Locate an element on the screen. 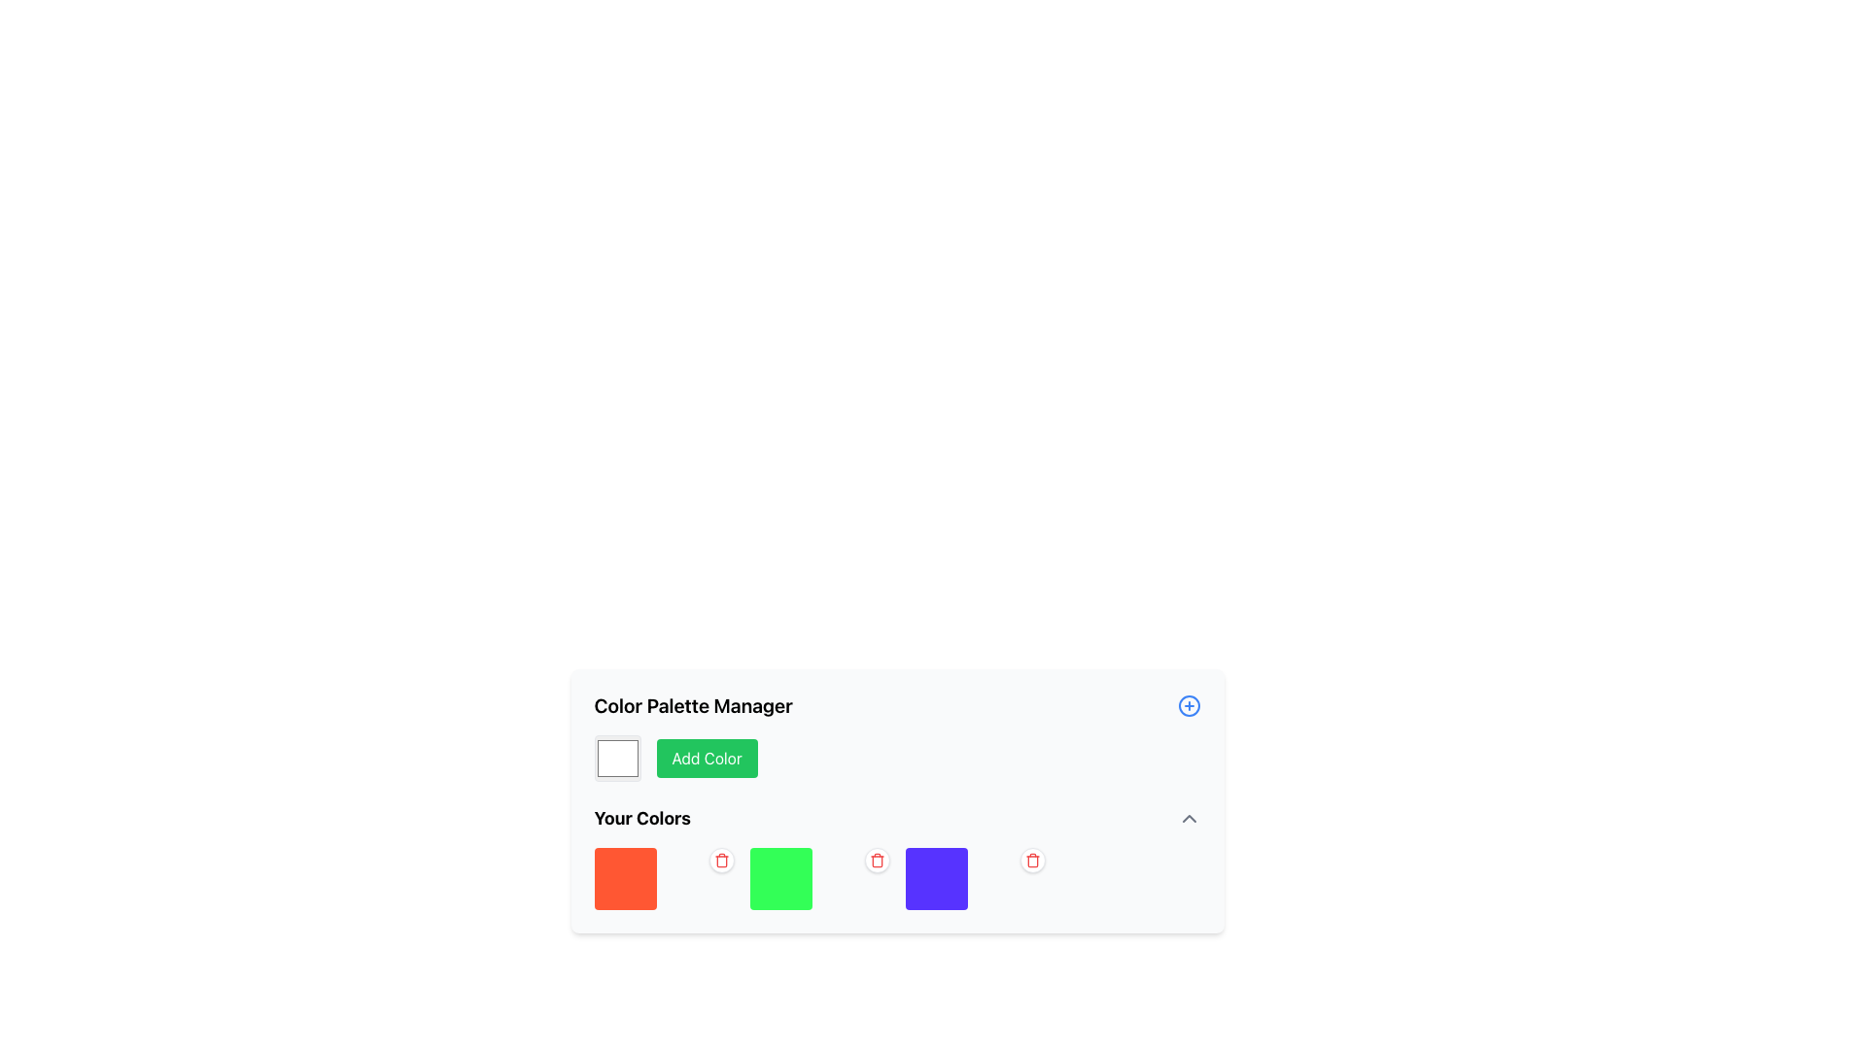 The width and height of the screenshot is (1866, 1049). the delete button located in the top-right corner of the purple block, which is the fourth item in the grid layout is located at coordinates (975, 879).